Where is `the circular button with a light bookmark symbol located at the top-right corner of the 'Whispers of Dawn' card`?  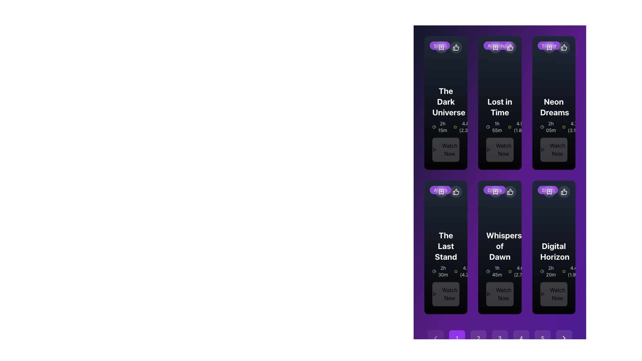 the circular button with a light bookmark symbol located at the top-right corner of the 'Whispers of Dawn' card is located at coordinates (503, 192).